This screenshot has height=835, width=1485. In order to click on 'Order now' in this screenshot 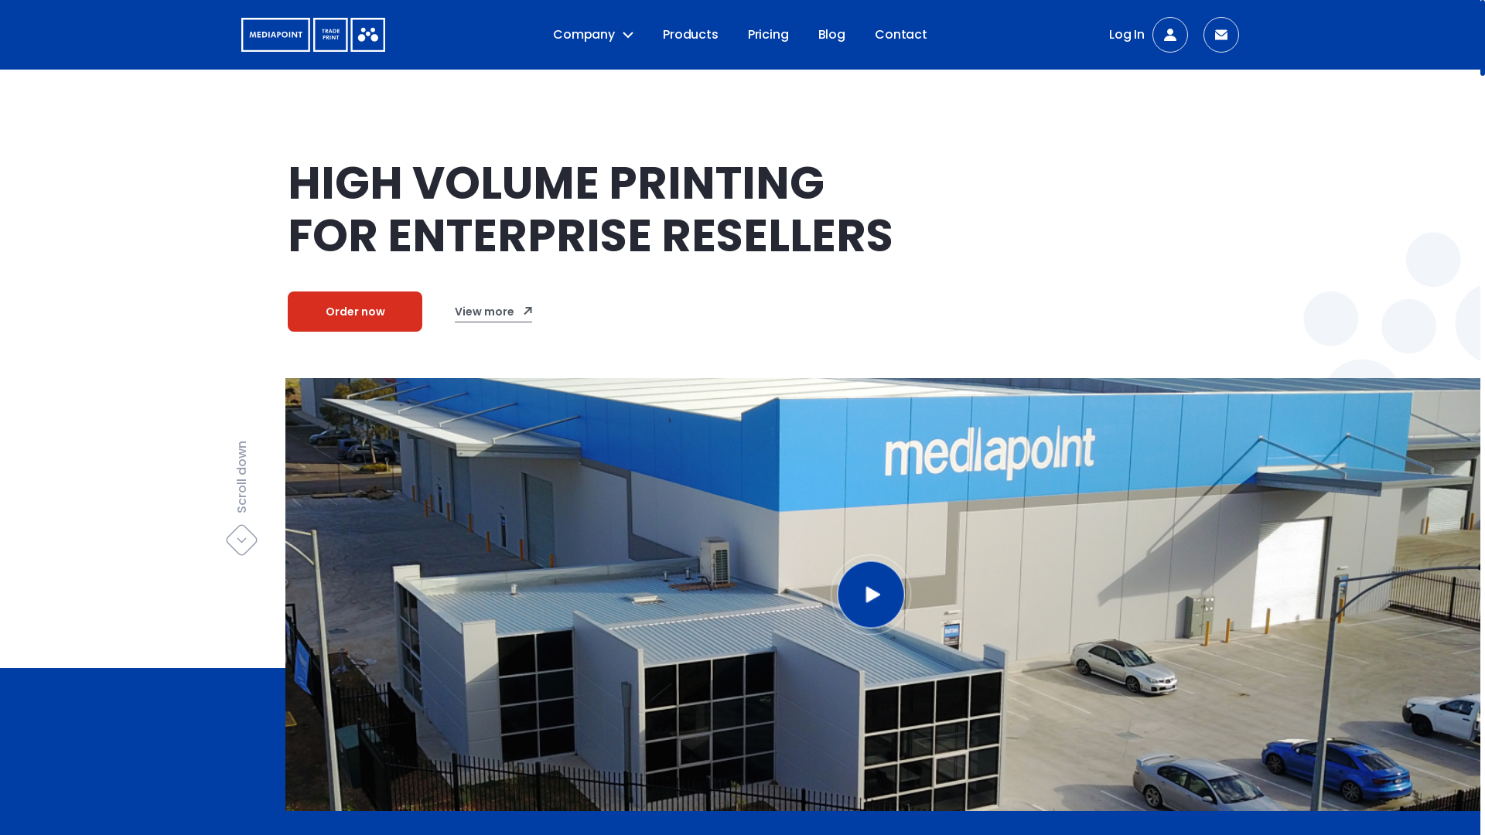, I will do `click(354, 311)`.